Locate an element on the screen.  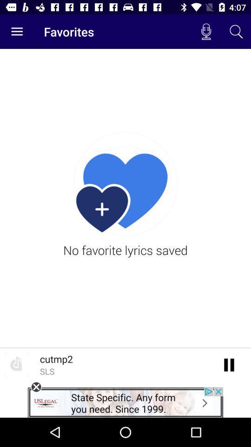
advert is located at coordinates (125, 402).